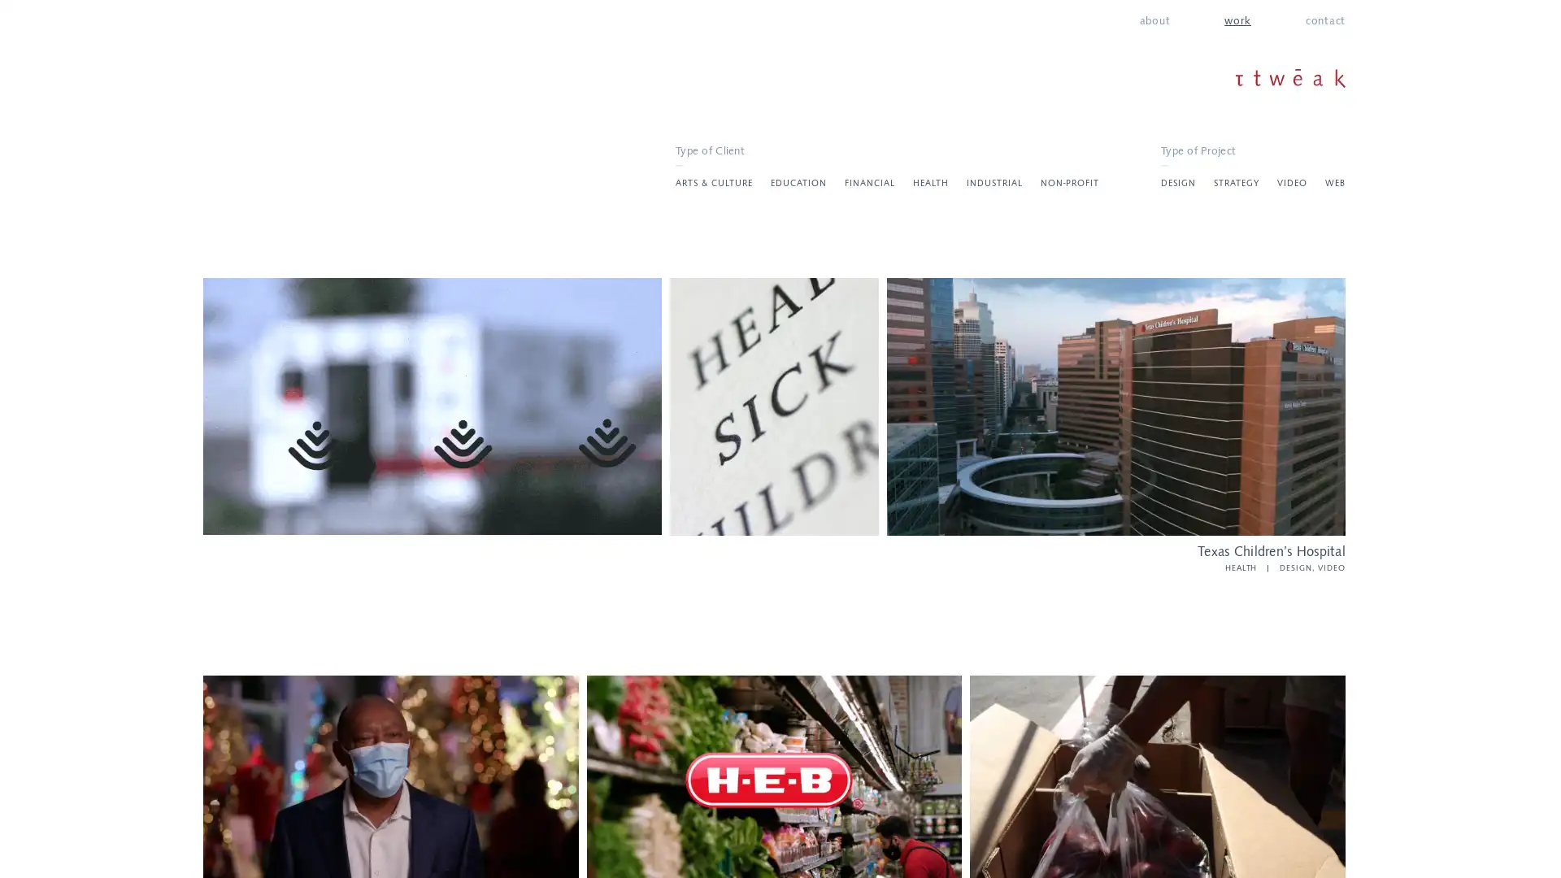 Image resolution: width=1561 pixels, height=878 pixels. Describe the element at coordinates (869, 183) in the screenshot. I see `FINANCIAL` at that location.